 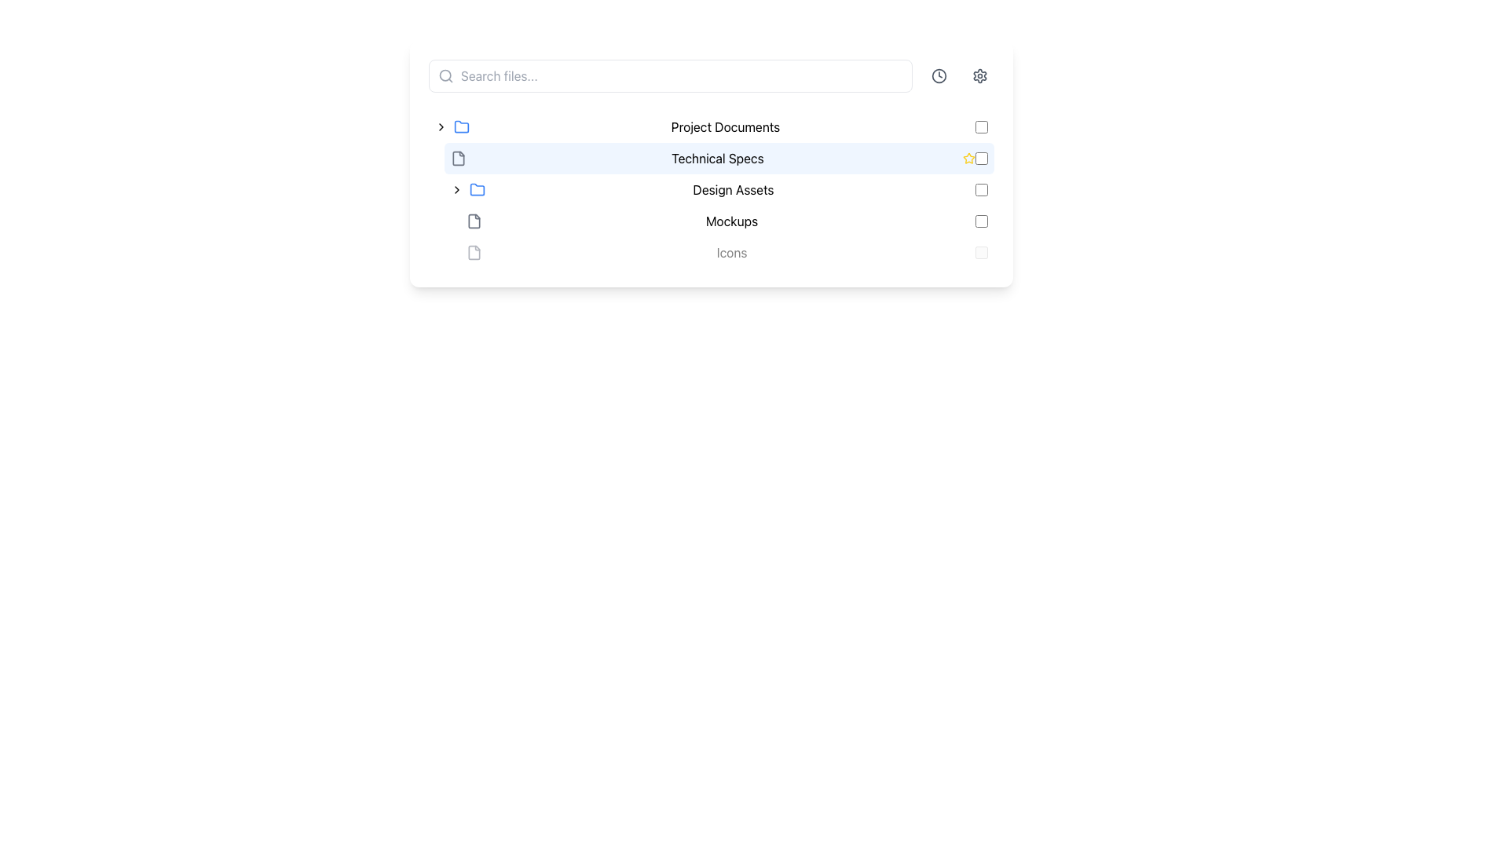 I want to click on the star icon located at the far-right end of the 'Technical Specs' row, which is used to mark or highlight items as favorites, so click(x=968, y=158).